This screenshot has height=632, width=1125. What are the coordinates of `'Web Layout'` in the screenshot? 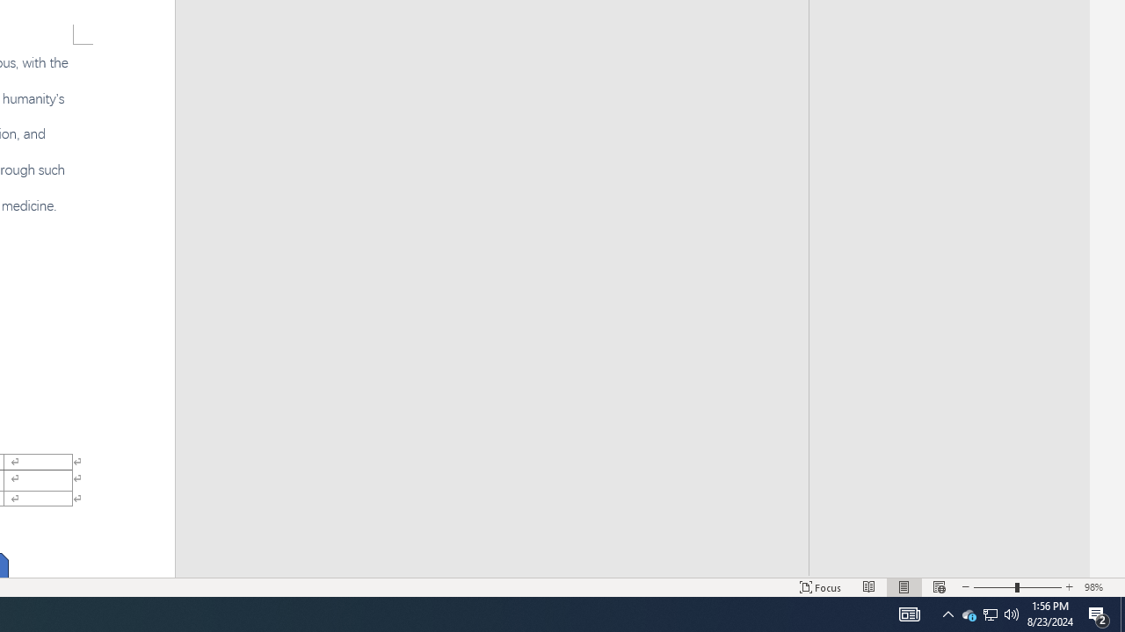 It's located at (939, 587).